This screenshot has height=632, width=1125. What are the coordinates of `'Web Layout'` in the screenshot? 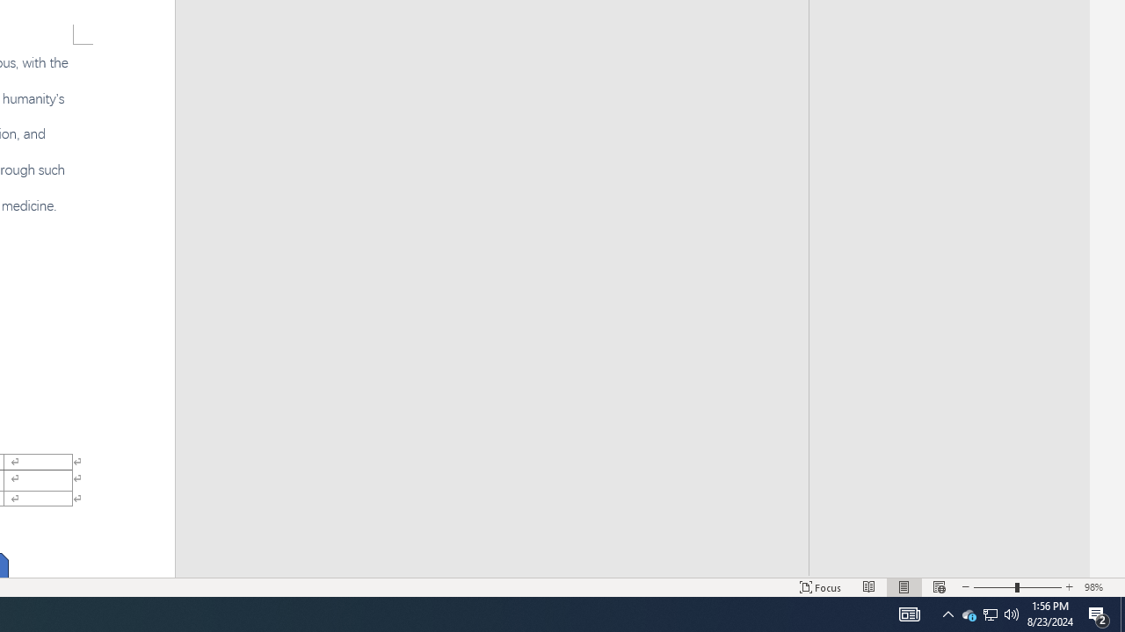 It's located at (939, 587).